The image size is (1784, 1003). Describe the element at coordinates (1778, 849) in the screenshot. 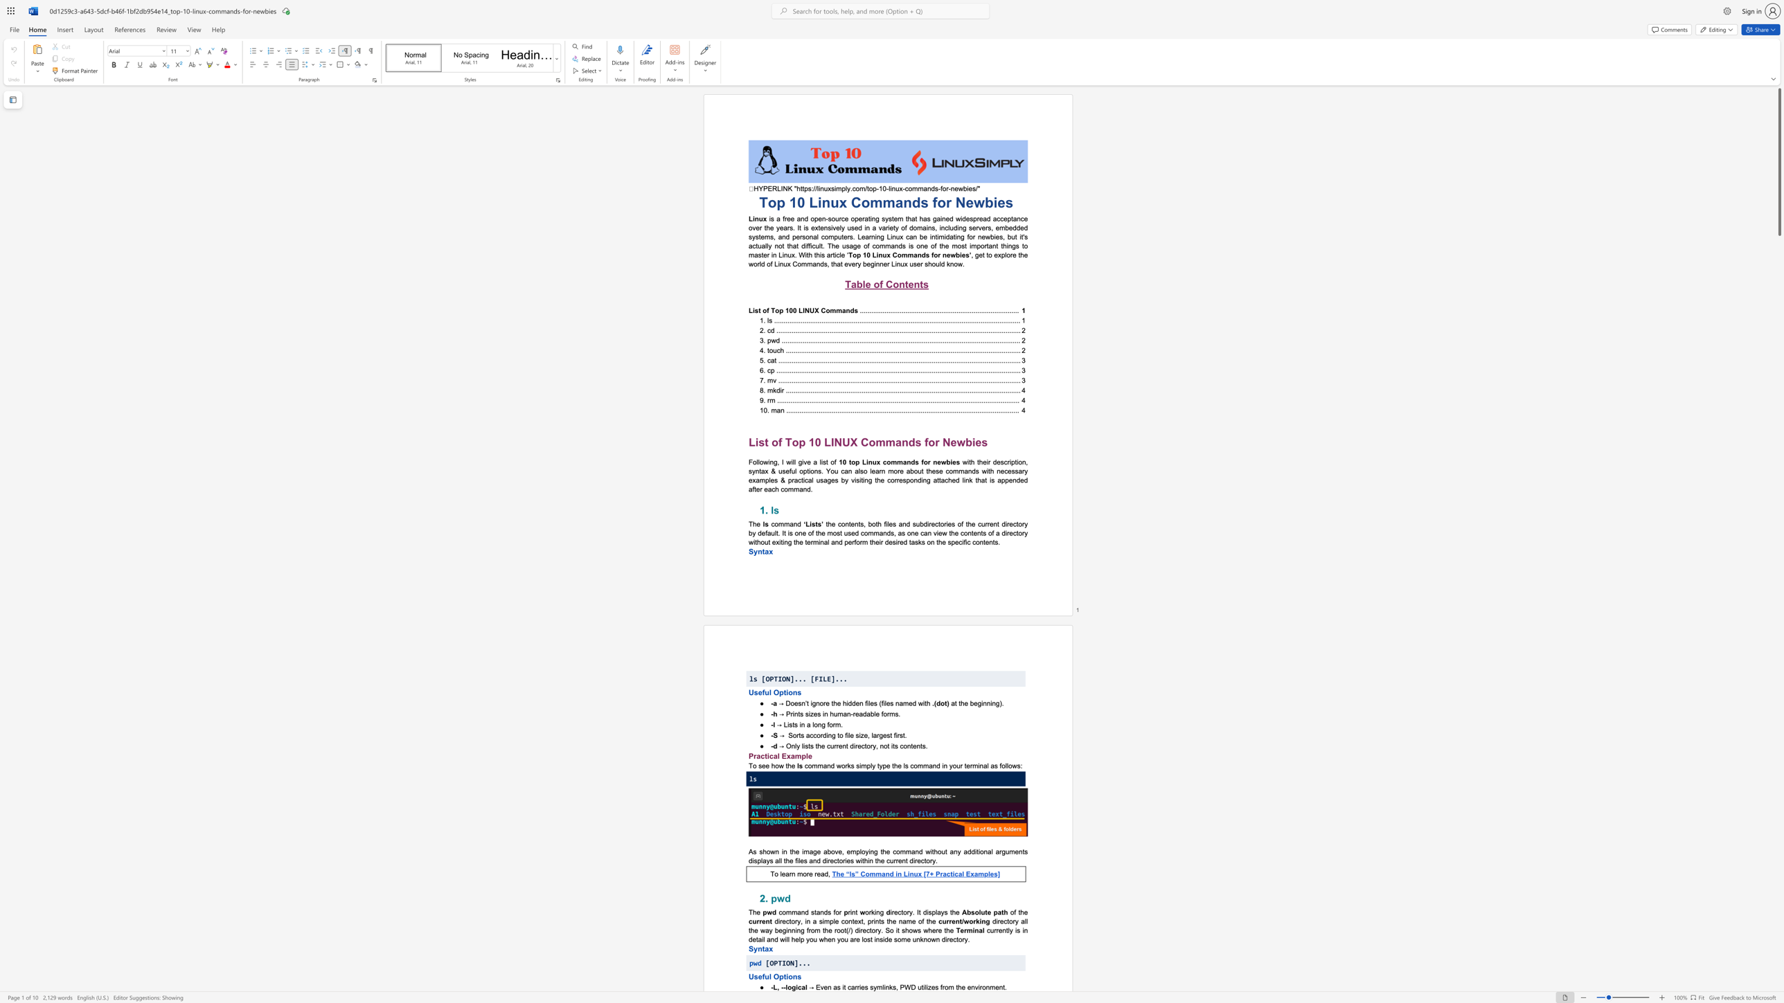

I see `the vertical scrollbar to lower the page content` at that location.